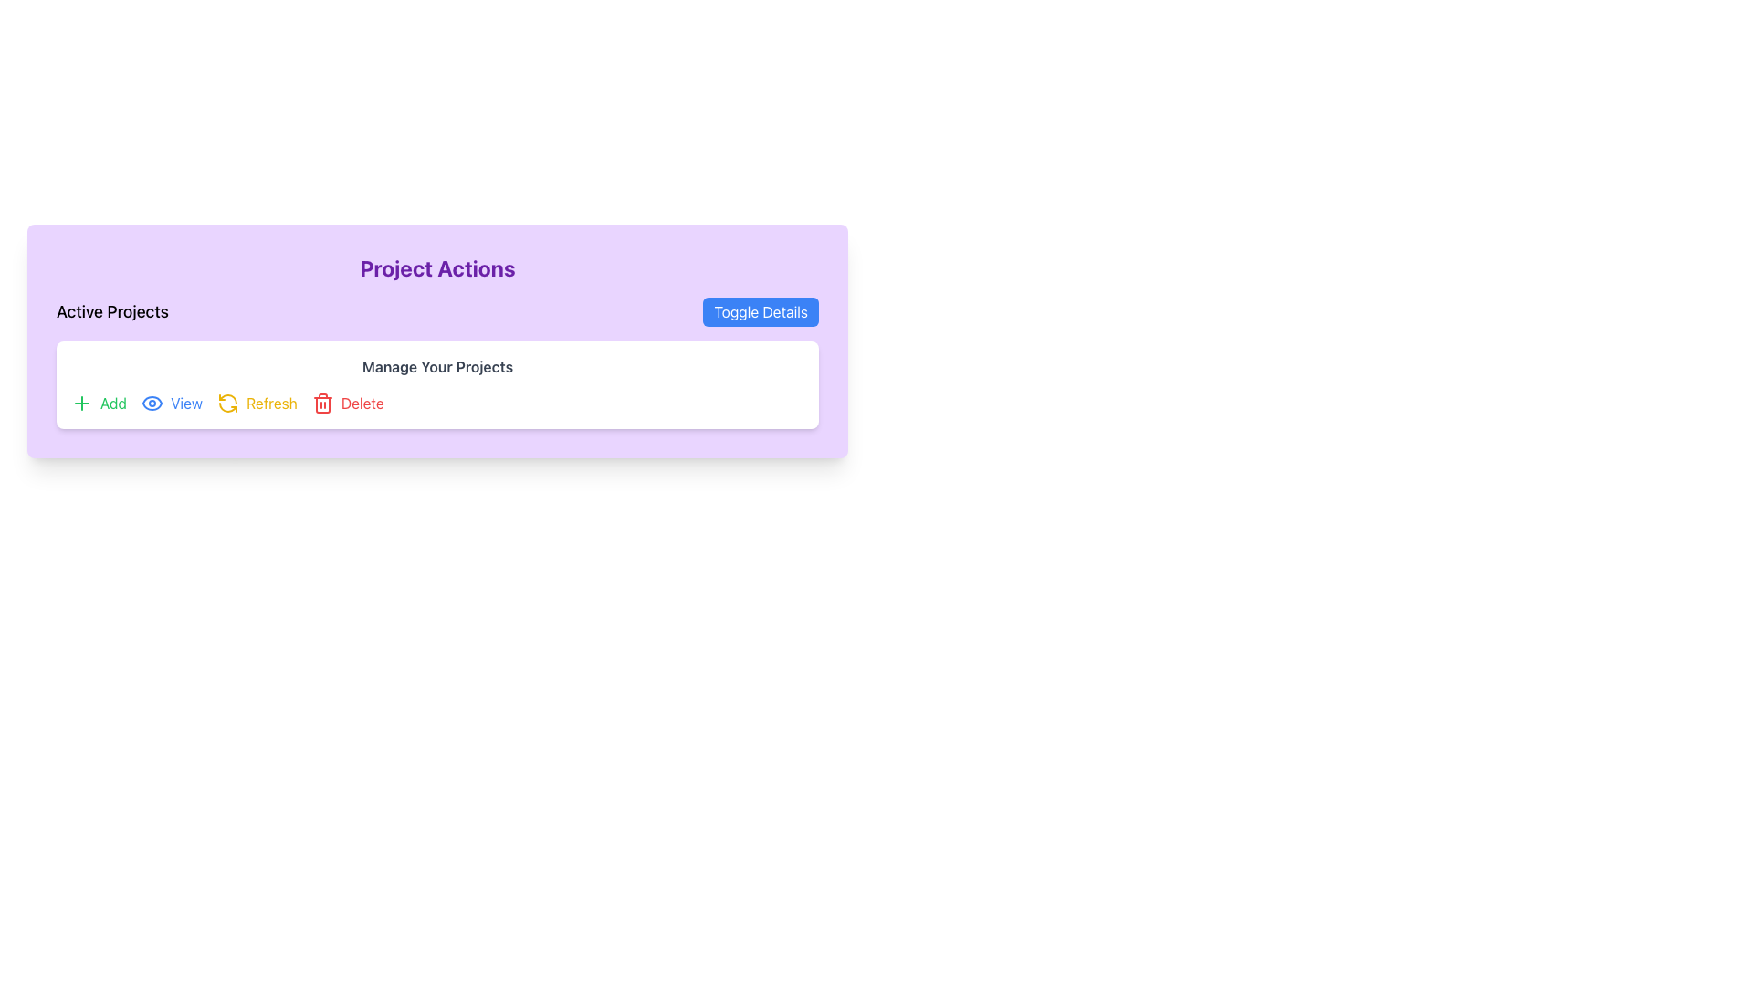 The width and height of the screenshot is (1753, 986). Describe the element at coordinates (347, 403) in the screenshot. I see `the 'Delete' button, which features a red trash bin icon and text, located in the bottom-right section of the interface` at that location.